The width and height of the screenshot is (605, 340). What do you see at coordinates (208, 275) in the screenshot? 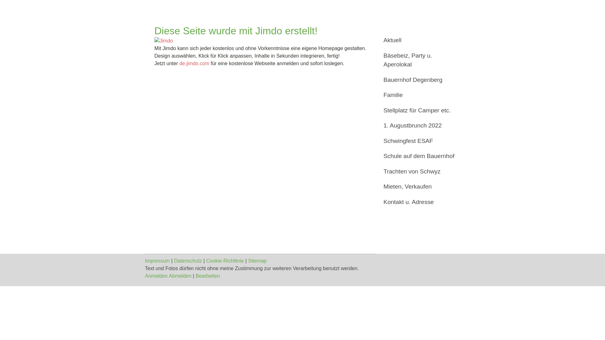
I see `'Bearbeiten'` at bounding box center [208, 275].